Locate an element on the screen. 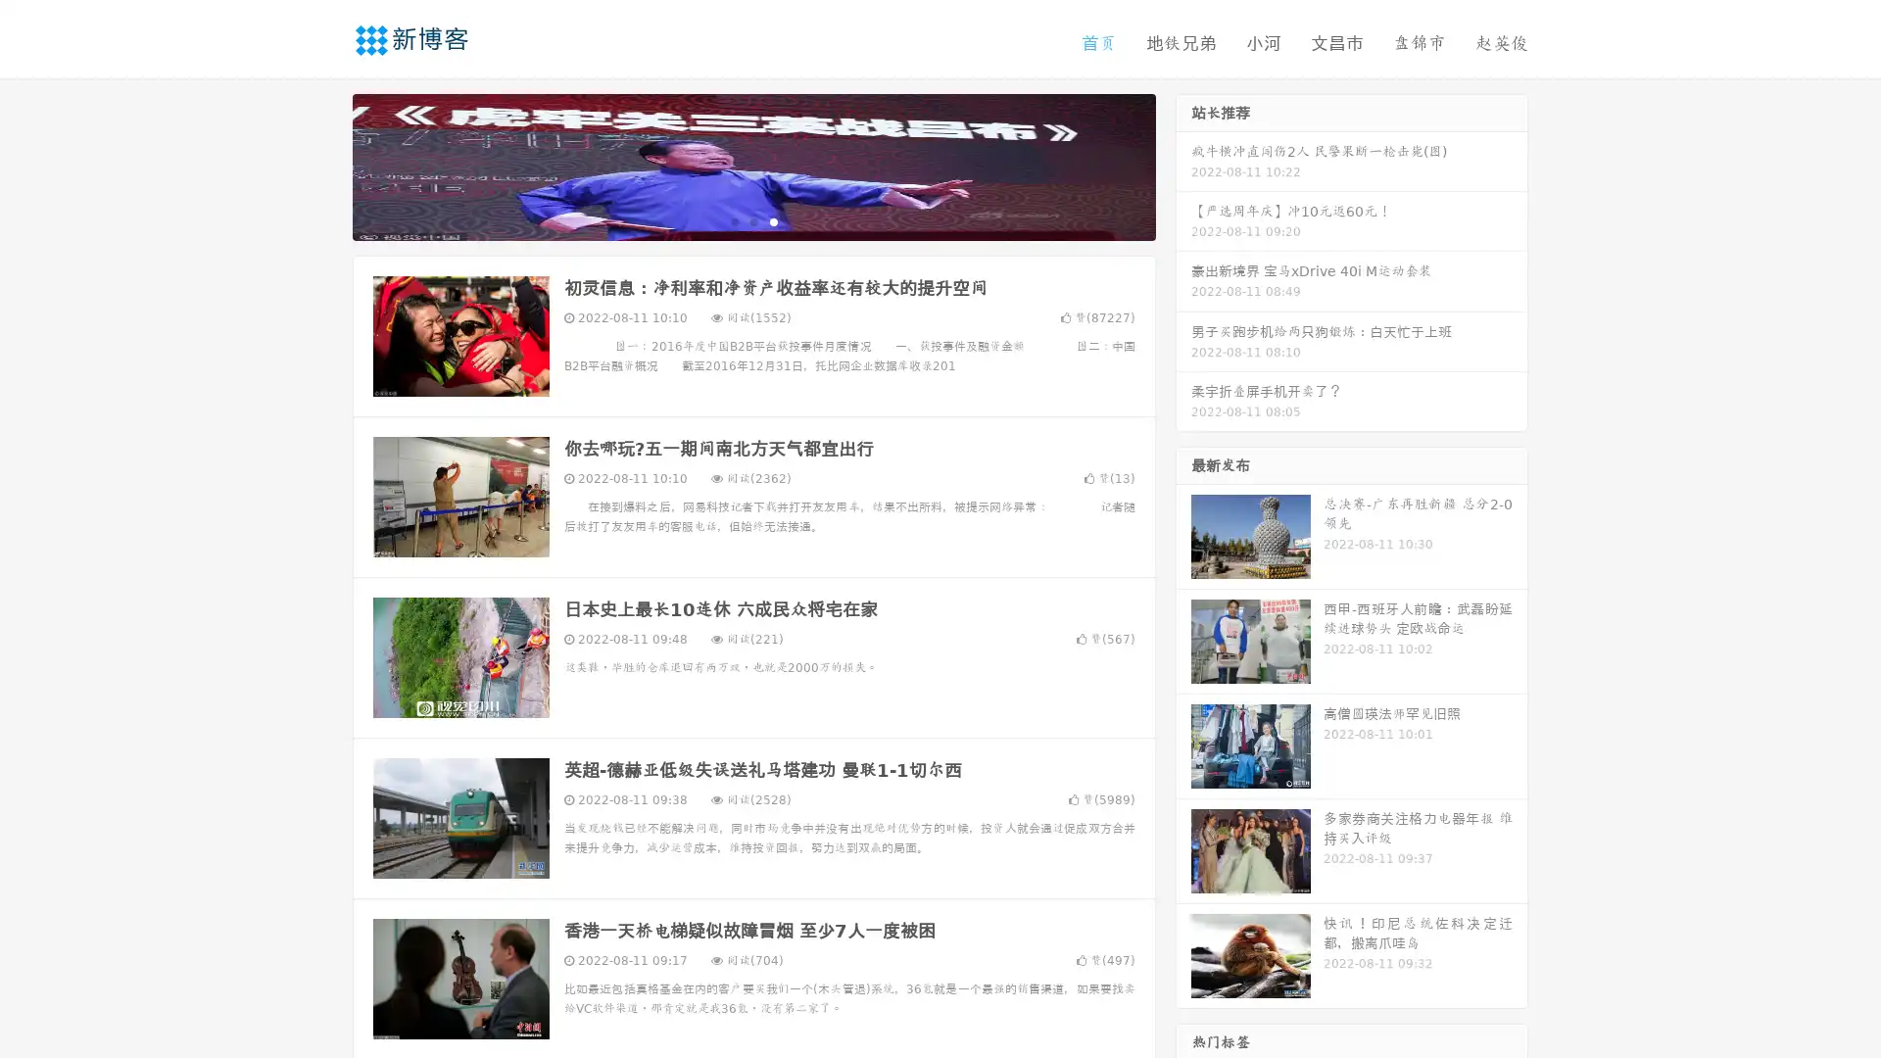 The height and width of the screenshot is (1058, 1881). Go to slide 1 is located at coordinates (733, 220).